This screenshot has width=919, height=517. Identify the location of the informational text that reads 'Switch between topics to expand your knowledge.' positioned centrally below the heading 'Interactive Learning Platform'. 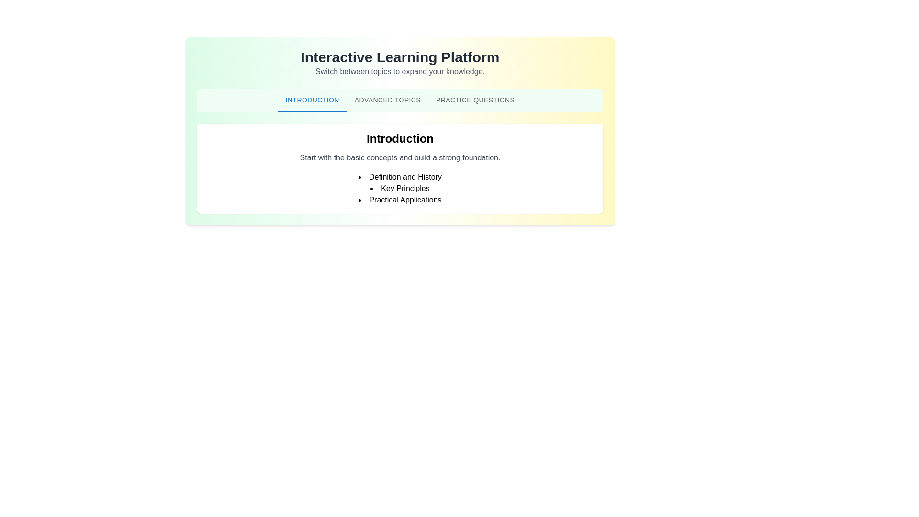
(400, 71).